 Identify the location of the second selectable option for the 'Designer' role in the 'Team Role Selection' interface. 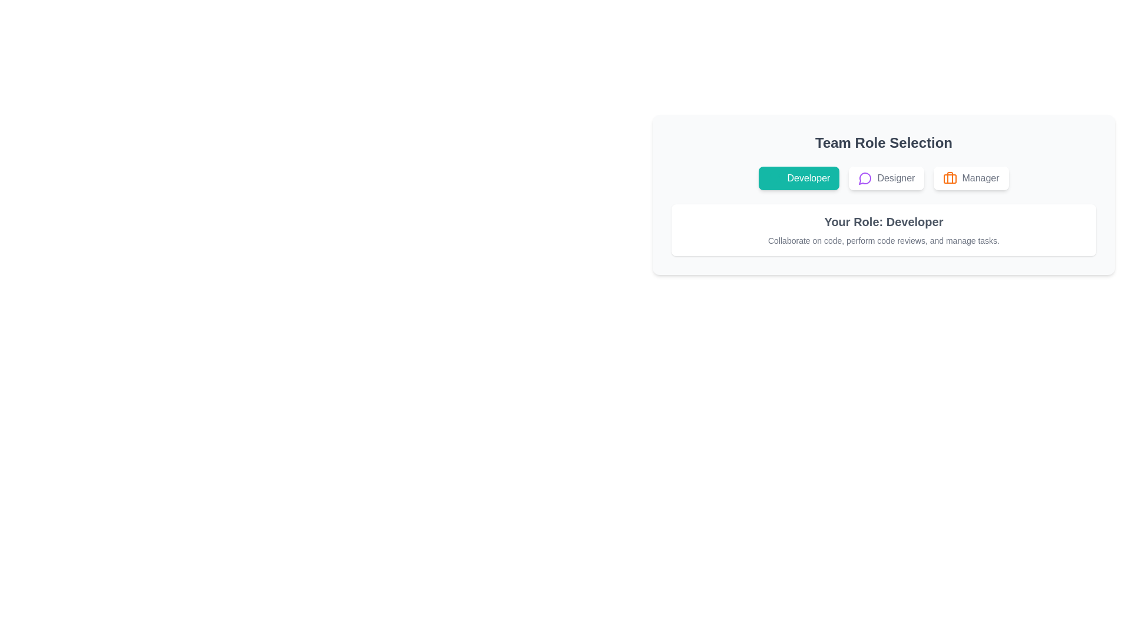
(887, 178).